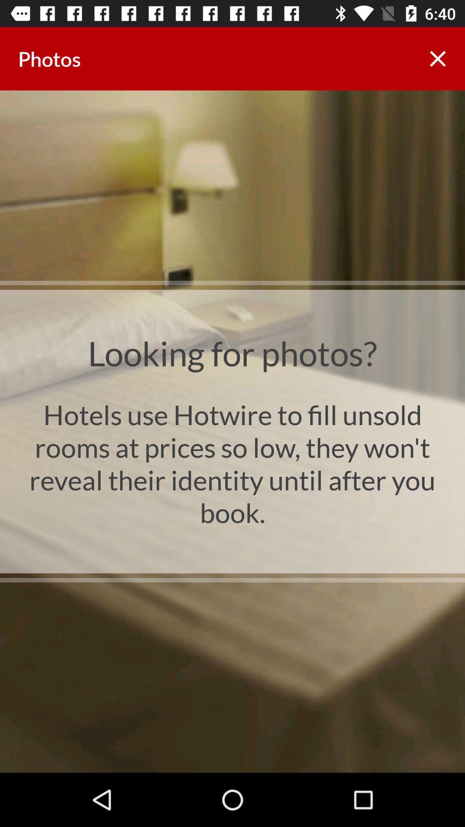  I want to click on the app next to photos app, so click(438, 58).